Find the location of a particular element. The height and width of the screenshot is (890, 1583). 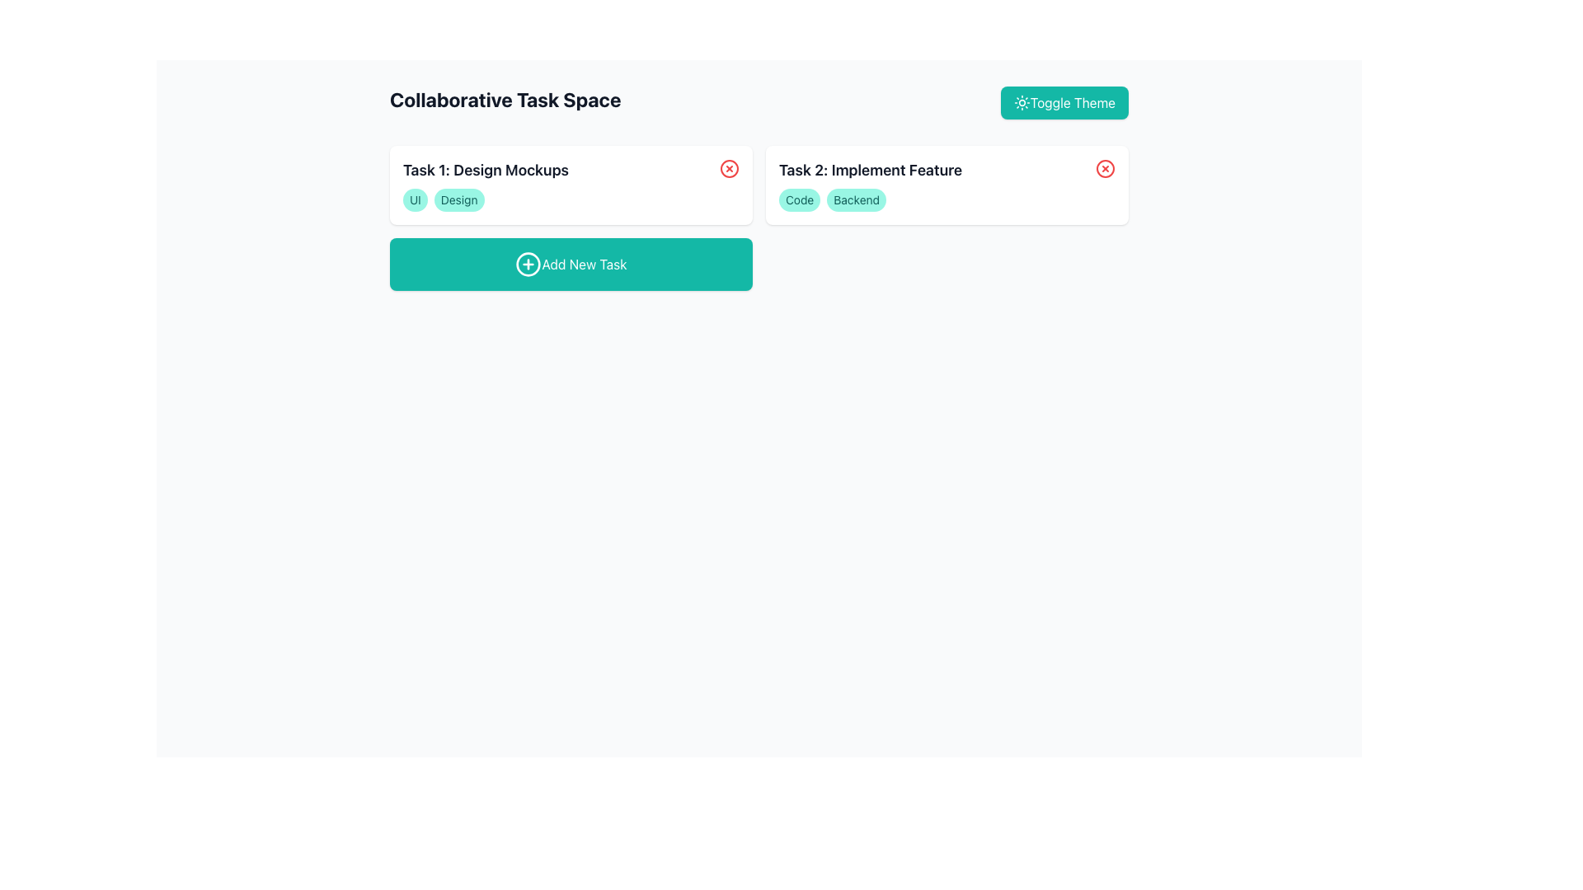

the sun icon located within the teal-colored 'Toggle Theme' button at the top-right section of the interface is located at coordinates (1021, 102).